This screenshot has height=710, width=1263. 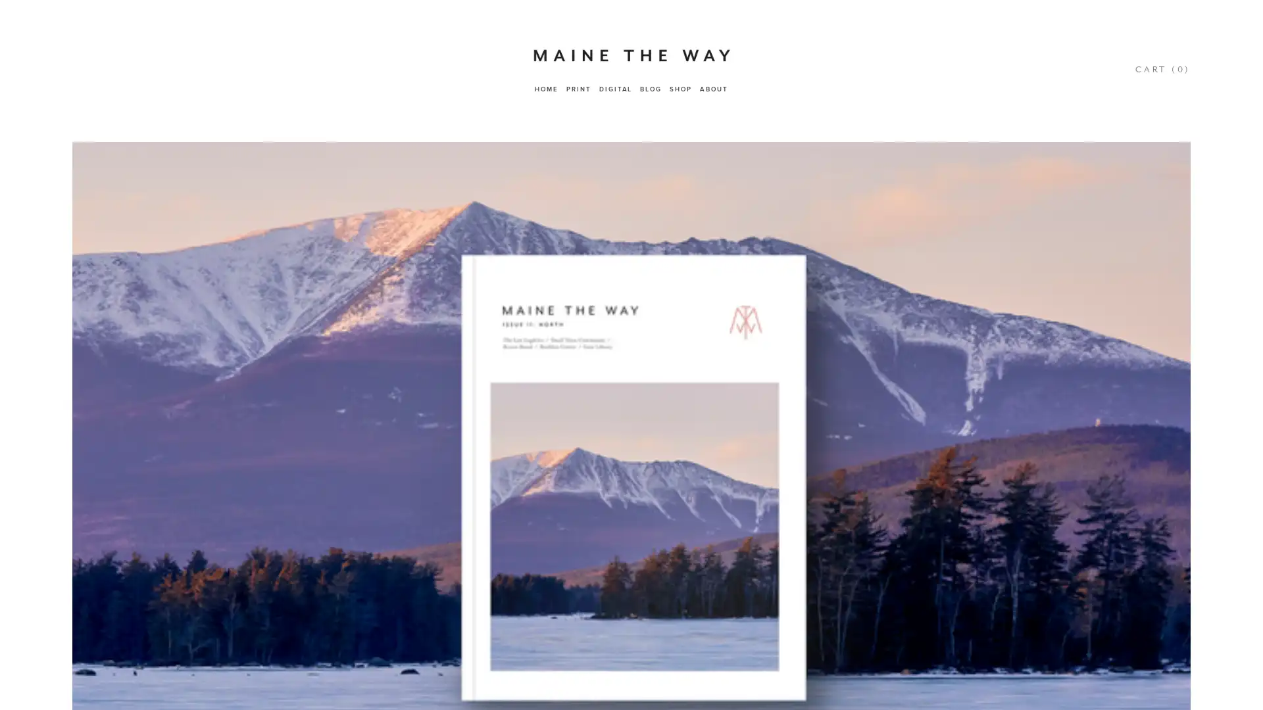 What do you see at coordinates (1113, 606) in the screenshot?
I see `SUBSCRIBE` at bounding box center [1113, 606].